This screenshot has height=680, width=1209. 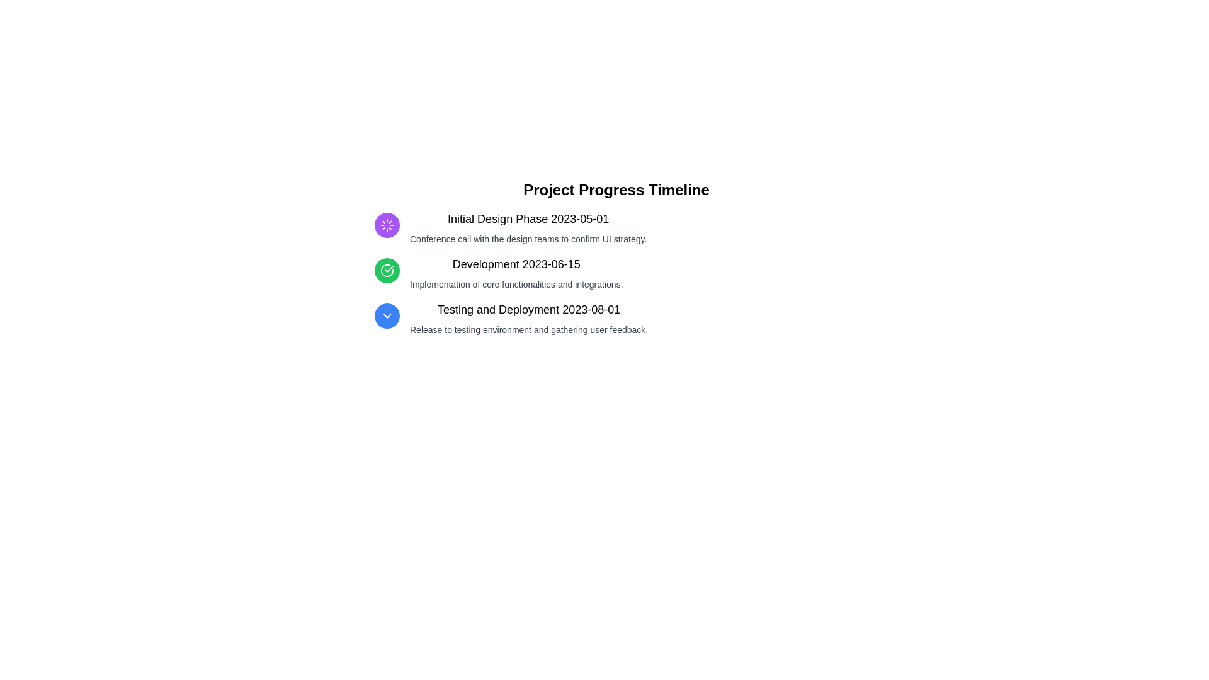 What do you see at coordinates (528, 218) in the screenshot?
I see `the text label that summarizes the 'Initial Design Phase' in the Project Progress Timeline, located directly beneath the main heading and aligned with the purple icon` at bounding box center [528, 218].